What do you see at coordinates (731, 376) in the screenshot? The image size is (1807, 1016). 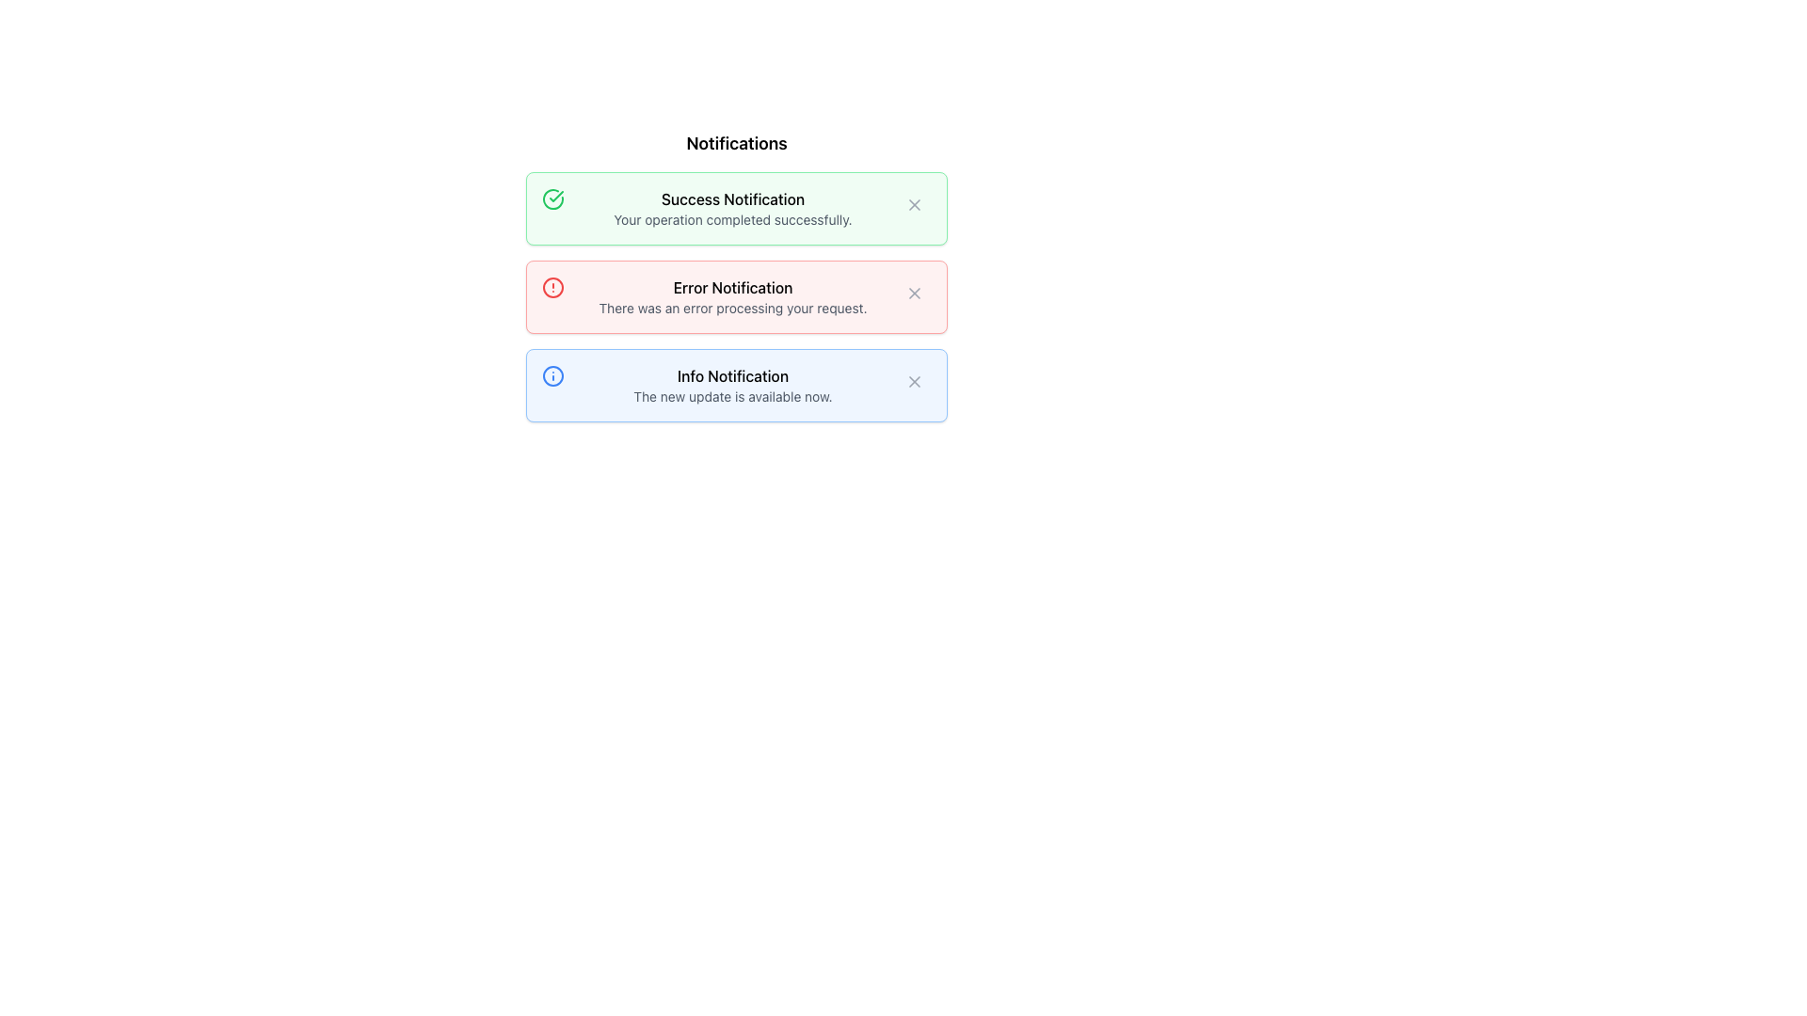 I see `the title of the 'Info Notification' block, which is the static text located at the top section of the blue-bordered notification area, positioned above the descriptive text and is the third notification in the list` at bounding box center [731, 376].